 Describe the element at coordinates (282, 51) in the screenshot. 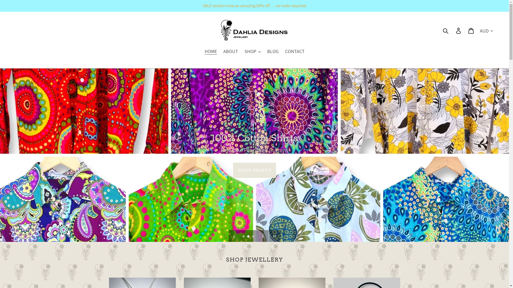

I see `'CONTACT'` at that location.